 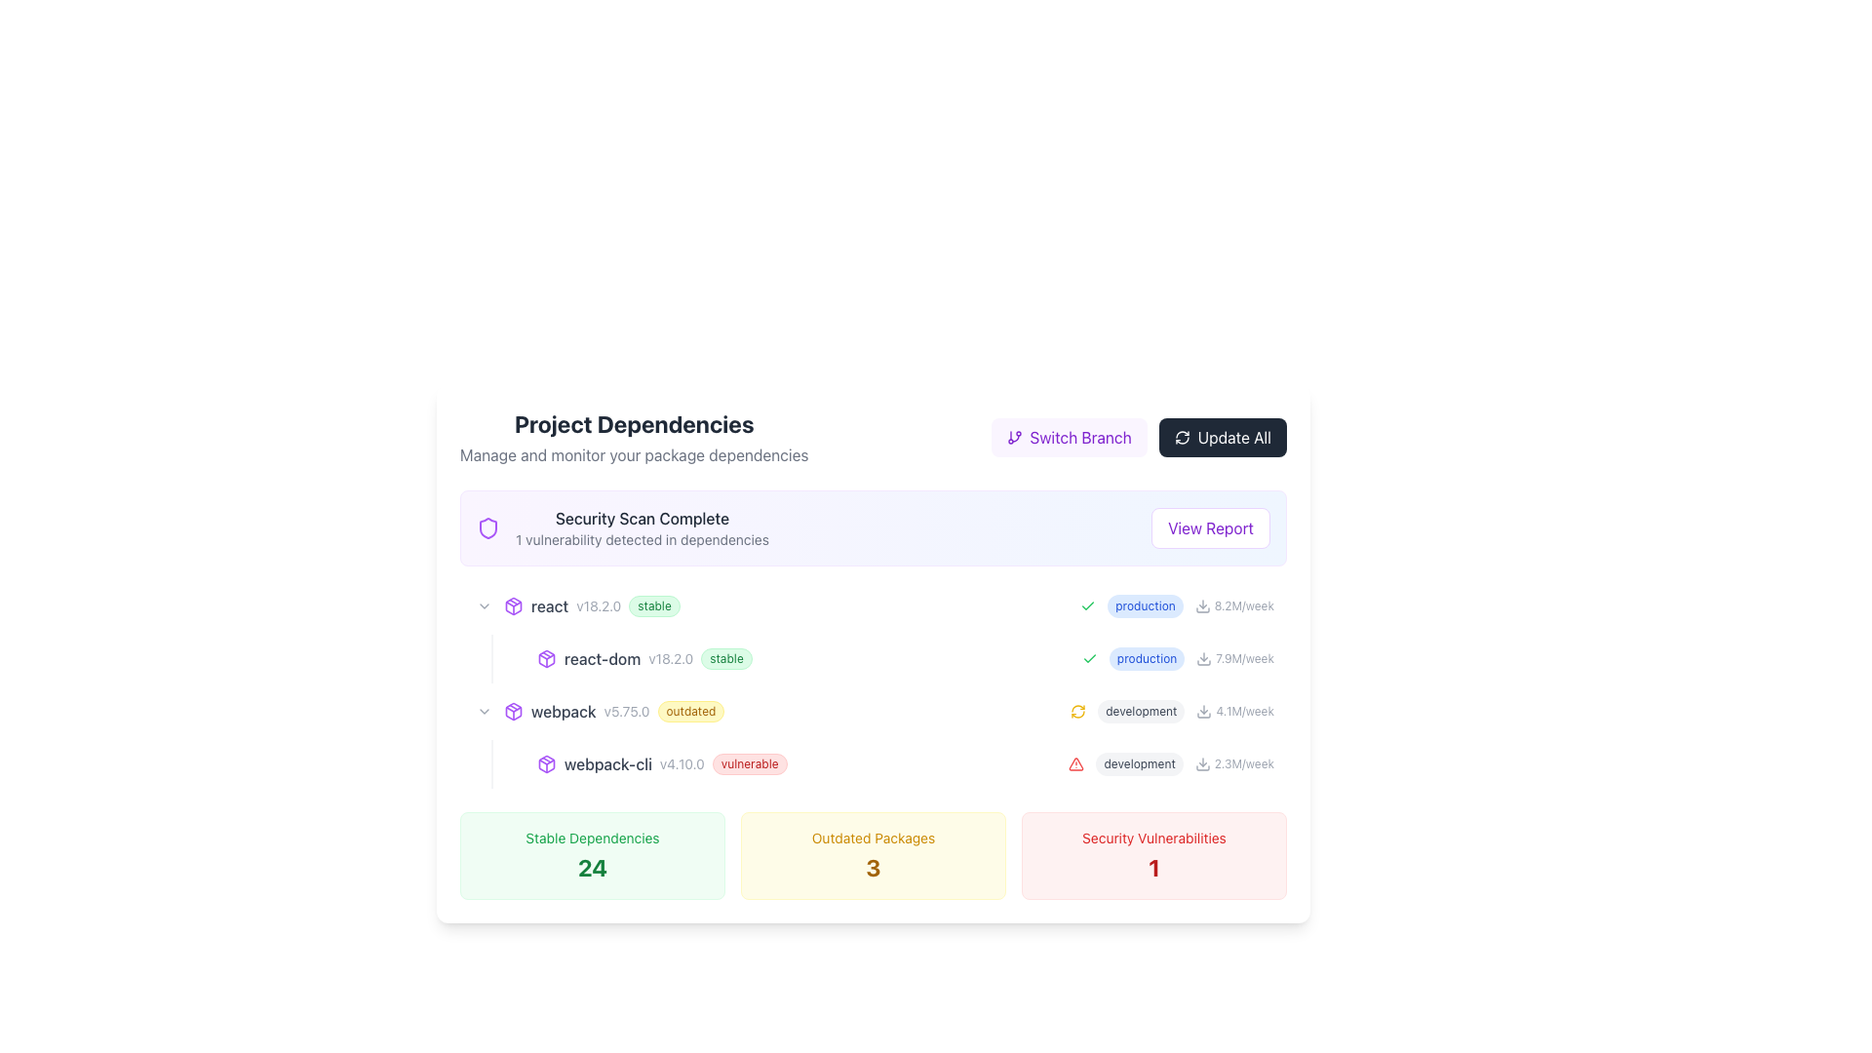 What do you see at coordinates (1233, 436) in the screenshot?
I see `the 'Update All' text label displayed in white on a dark background located at the far right corner of the top bar` at bounding box center [1233, 436].